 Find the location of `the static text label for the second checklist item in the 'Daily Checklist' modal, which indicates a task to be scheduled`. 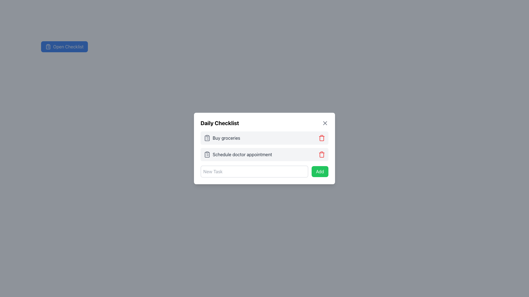

the static text label for the second checklist item in the 'Daily Checklist' modal, which indicates a task to be scheduled is located at coordinates (242, 155).